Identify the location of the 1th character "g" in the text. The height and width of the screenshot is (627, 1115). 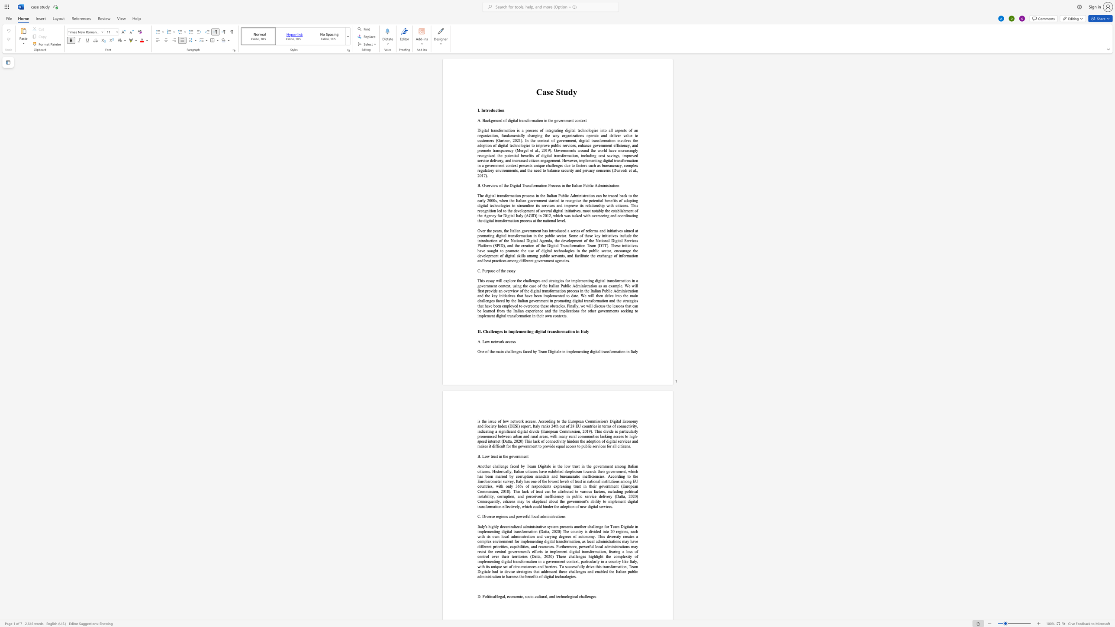
(509, 456).